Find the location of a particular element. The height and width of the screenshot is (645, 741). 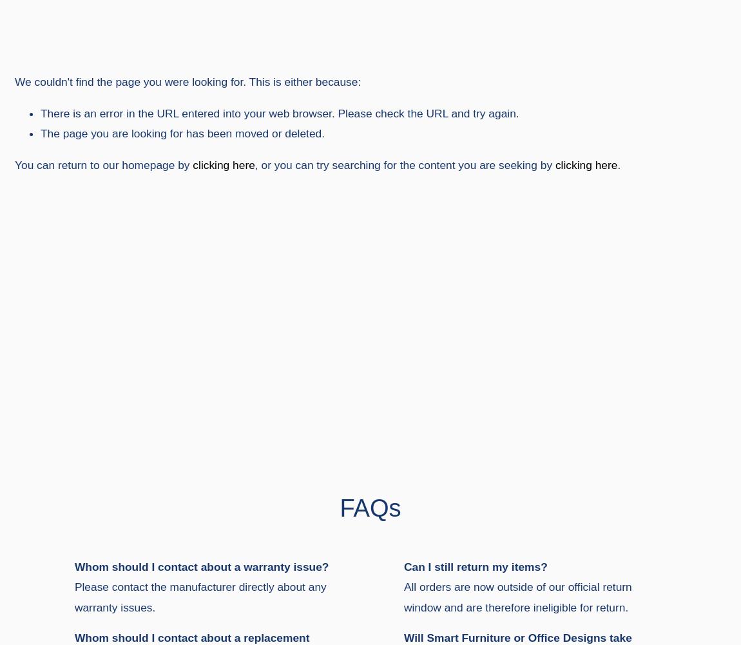

'Please contact the manufacturer directly about any warranty issues.' is located at coordinates (202, 597).